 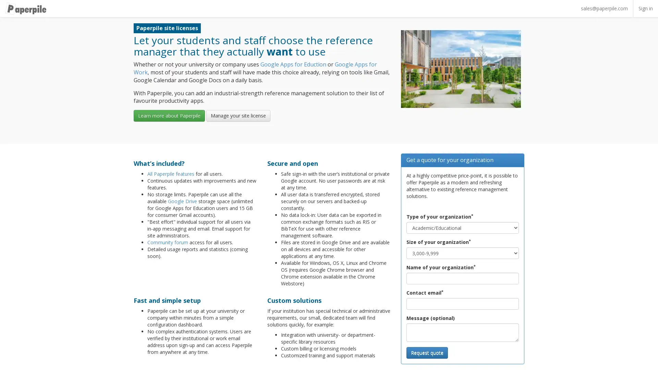 What do you see at coordinates (427, 353) in the screenshot?
I see `Request quote` at bounding box center [427, 353].